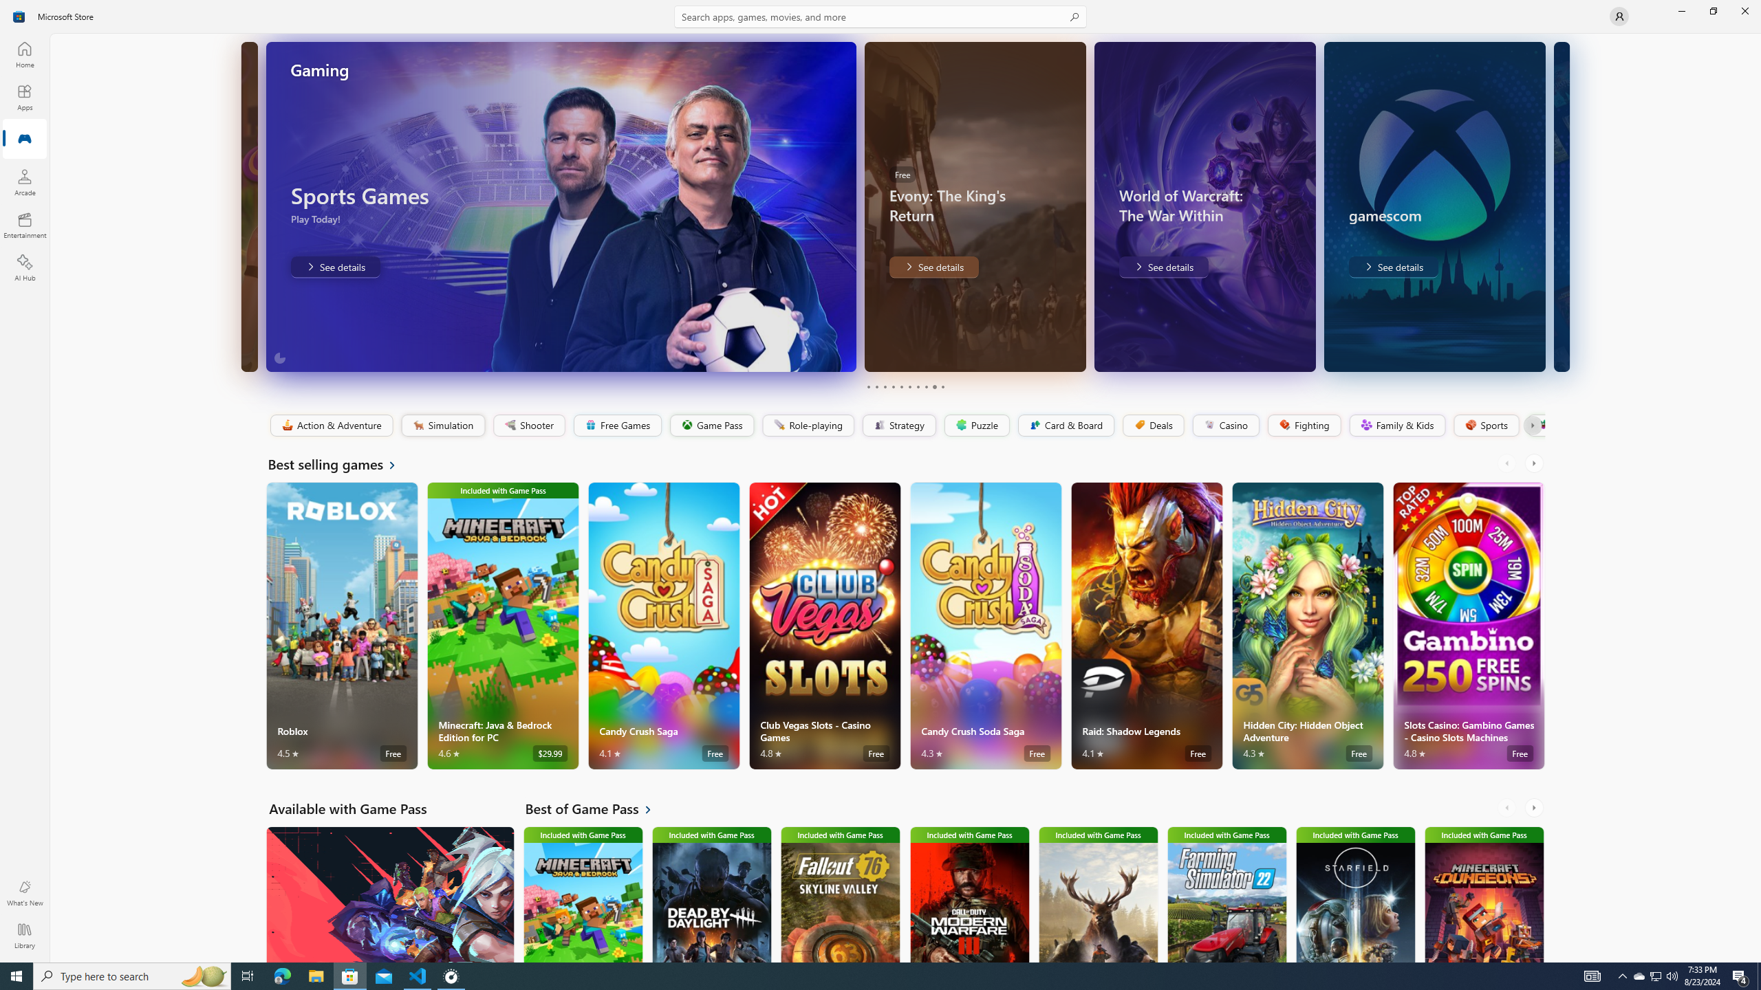  What do you see at coordinates (909, 386) in the screenshot?
I see `'Page 6'` at bounding box center [909, 386].